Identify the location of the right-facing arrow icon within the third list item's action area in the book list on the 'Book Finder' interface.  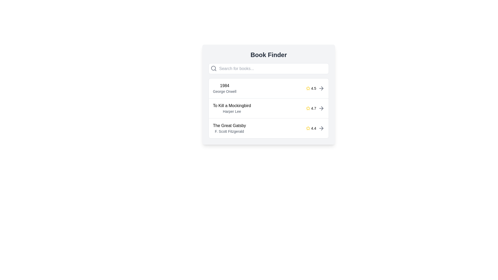
(322, 108).